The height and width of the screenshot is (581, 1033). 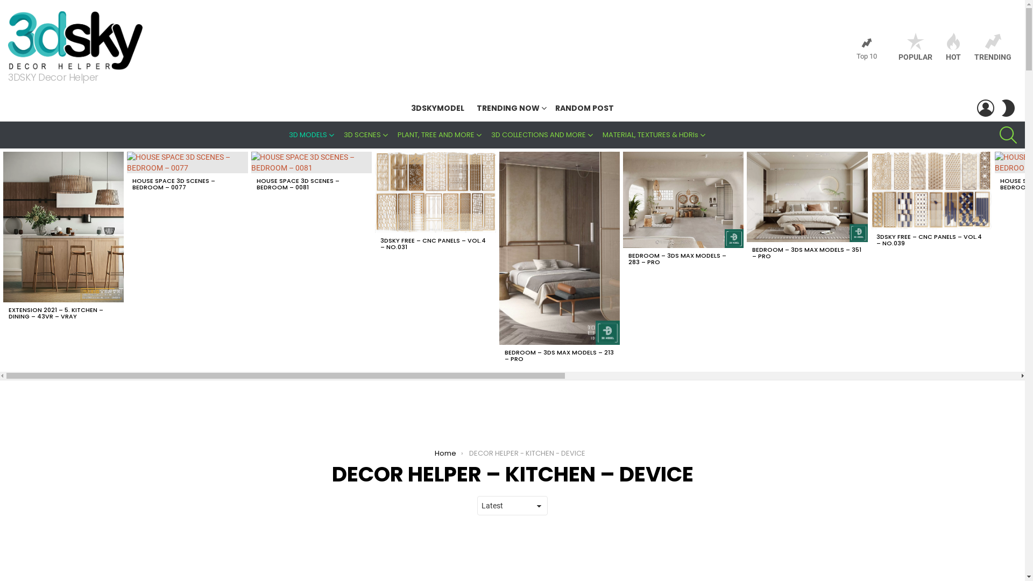 What do you see at coordinates (542, 134) in the screenshot?
I see `'3D COLLECTIONS AND MORE'` at bounding box center [542, 134].